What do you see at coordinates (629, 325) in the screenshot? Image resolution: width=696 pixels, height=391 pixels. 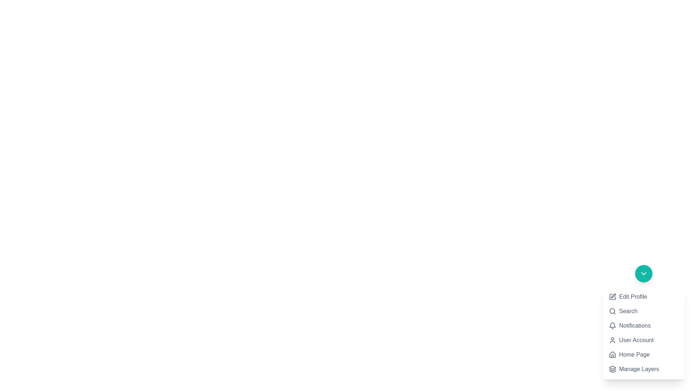 I see `the Interactive menu item, which is the third item in the vertical dropdown menu` at bounding box center [629, 325].